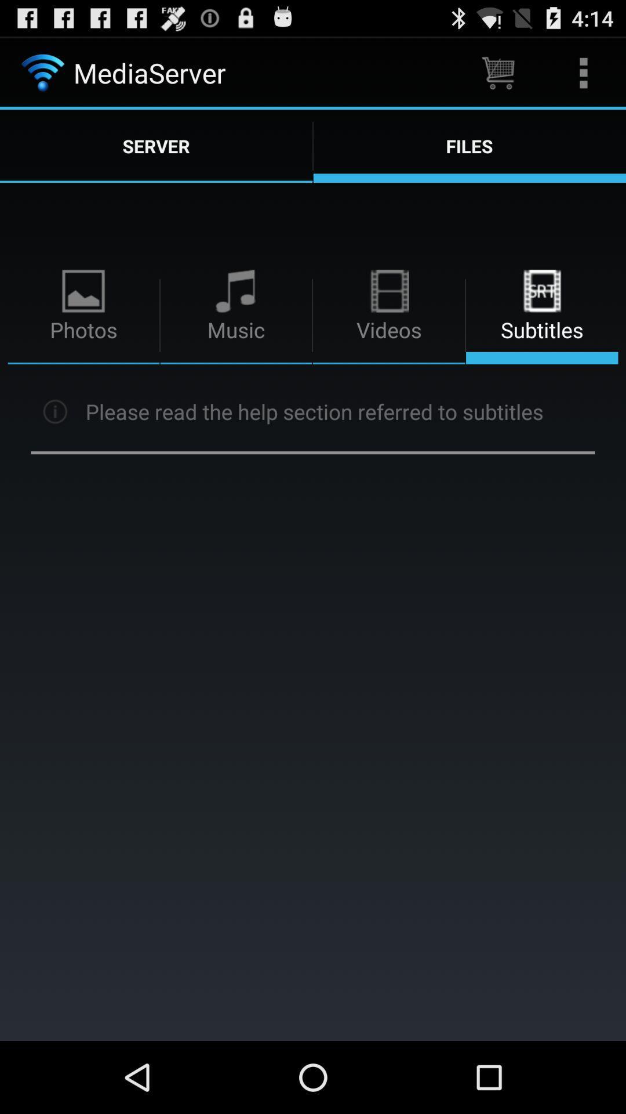  What do you see at coordinates (236, 315) in the screenshot?
I see `music` at bounding box center [236, 315].